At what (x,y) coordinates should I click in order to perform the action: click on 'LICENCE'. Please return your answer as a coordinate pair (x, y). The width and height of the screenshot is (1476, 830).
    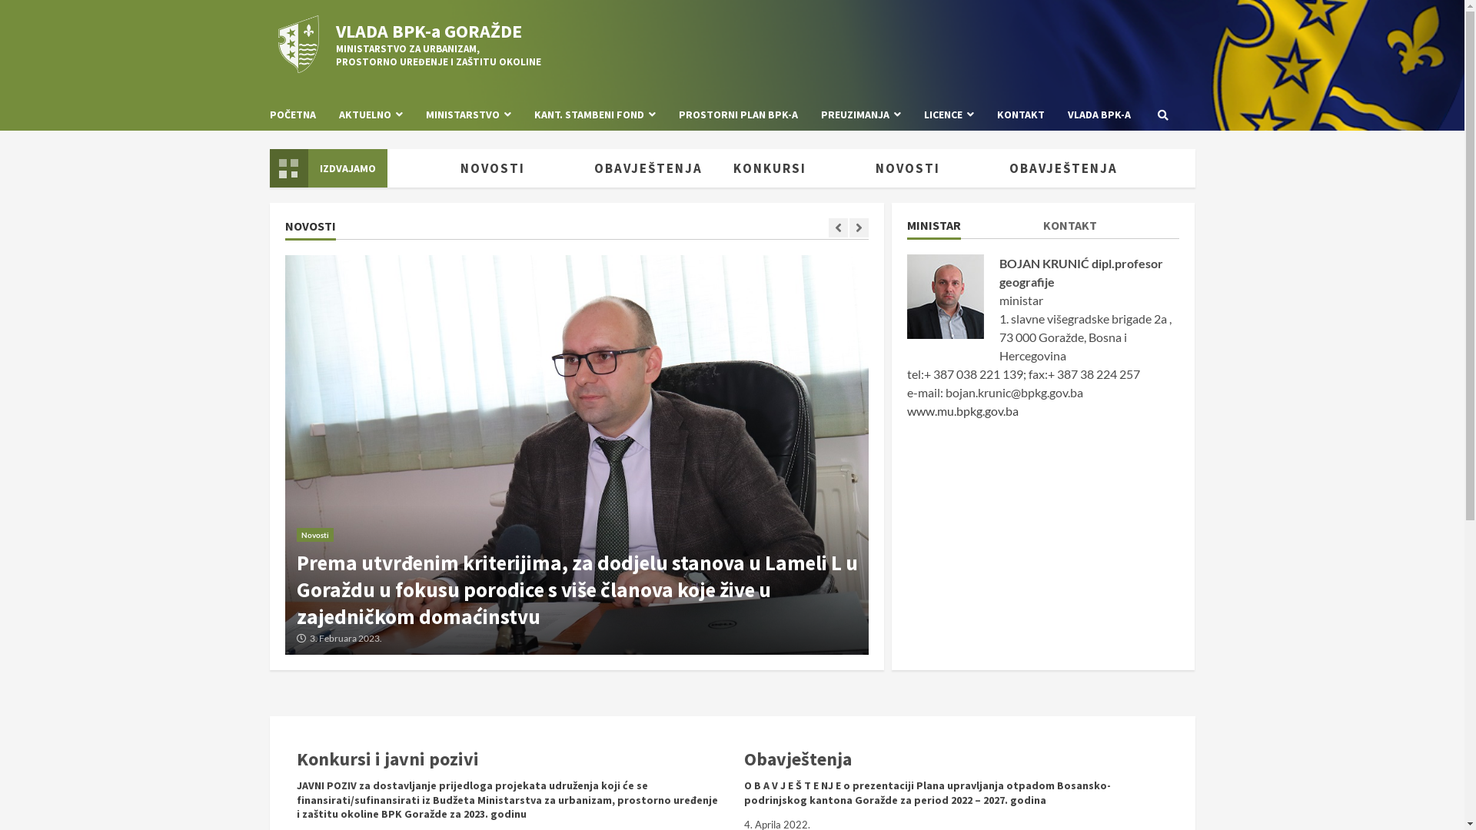
    Looking at the image, I should click on (911, 114).